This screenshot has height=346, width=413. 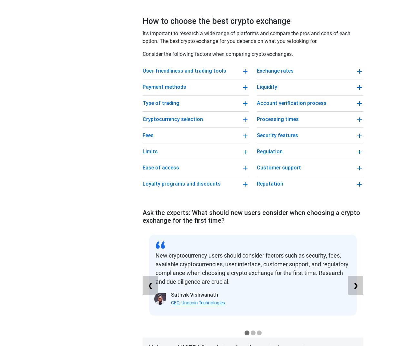 What do you see at coordinates (142, 216) in the screenshot?
I see `'Ask the experts: What should new users consider when choosing a crypto exchange for the first time?'` at bounding box center [142, 216].